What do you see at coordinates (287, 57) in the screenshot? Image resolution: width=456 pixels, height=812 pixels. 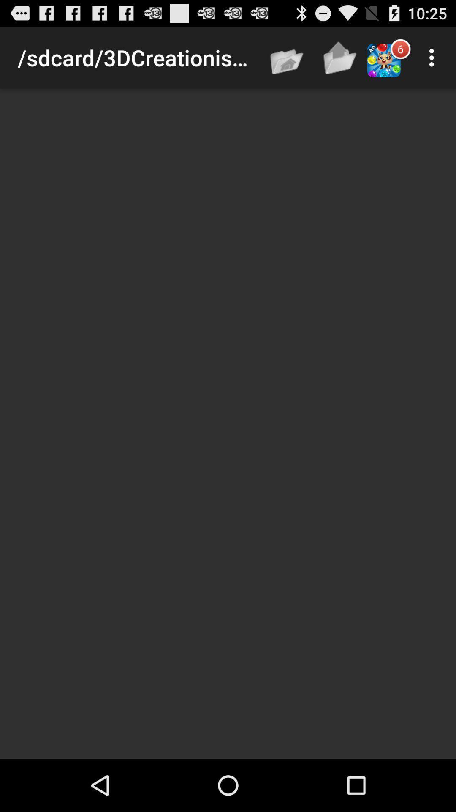 I see `icon at the top` at bounding box center [287, 57].